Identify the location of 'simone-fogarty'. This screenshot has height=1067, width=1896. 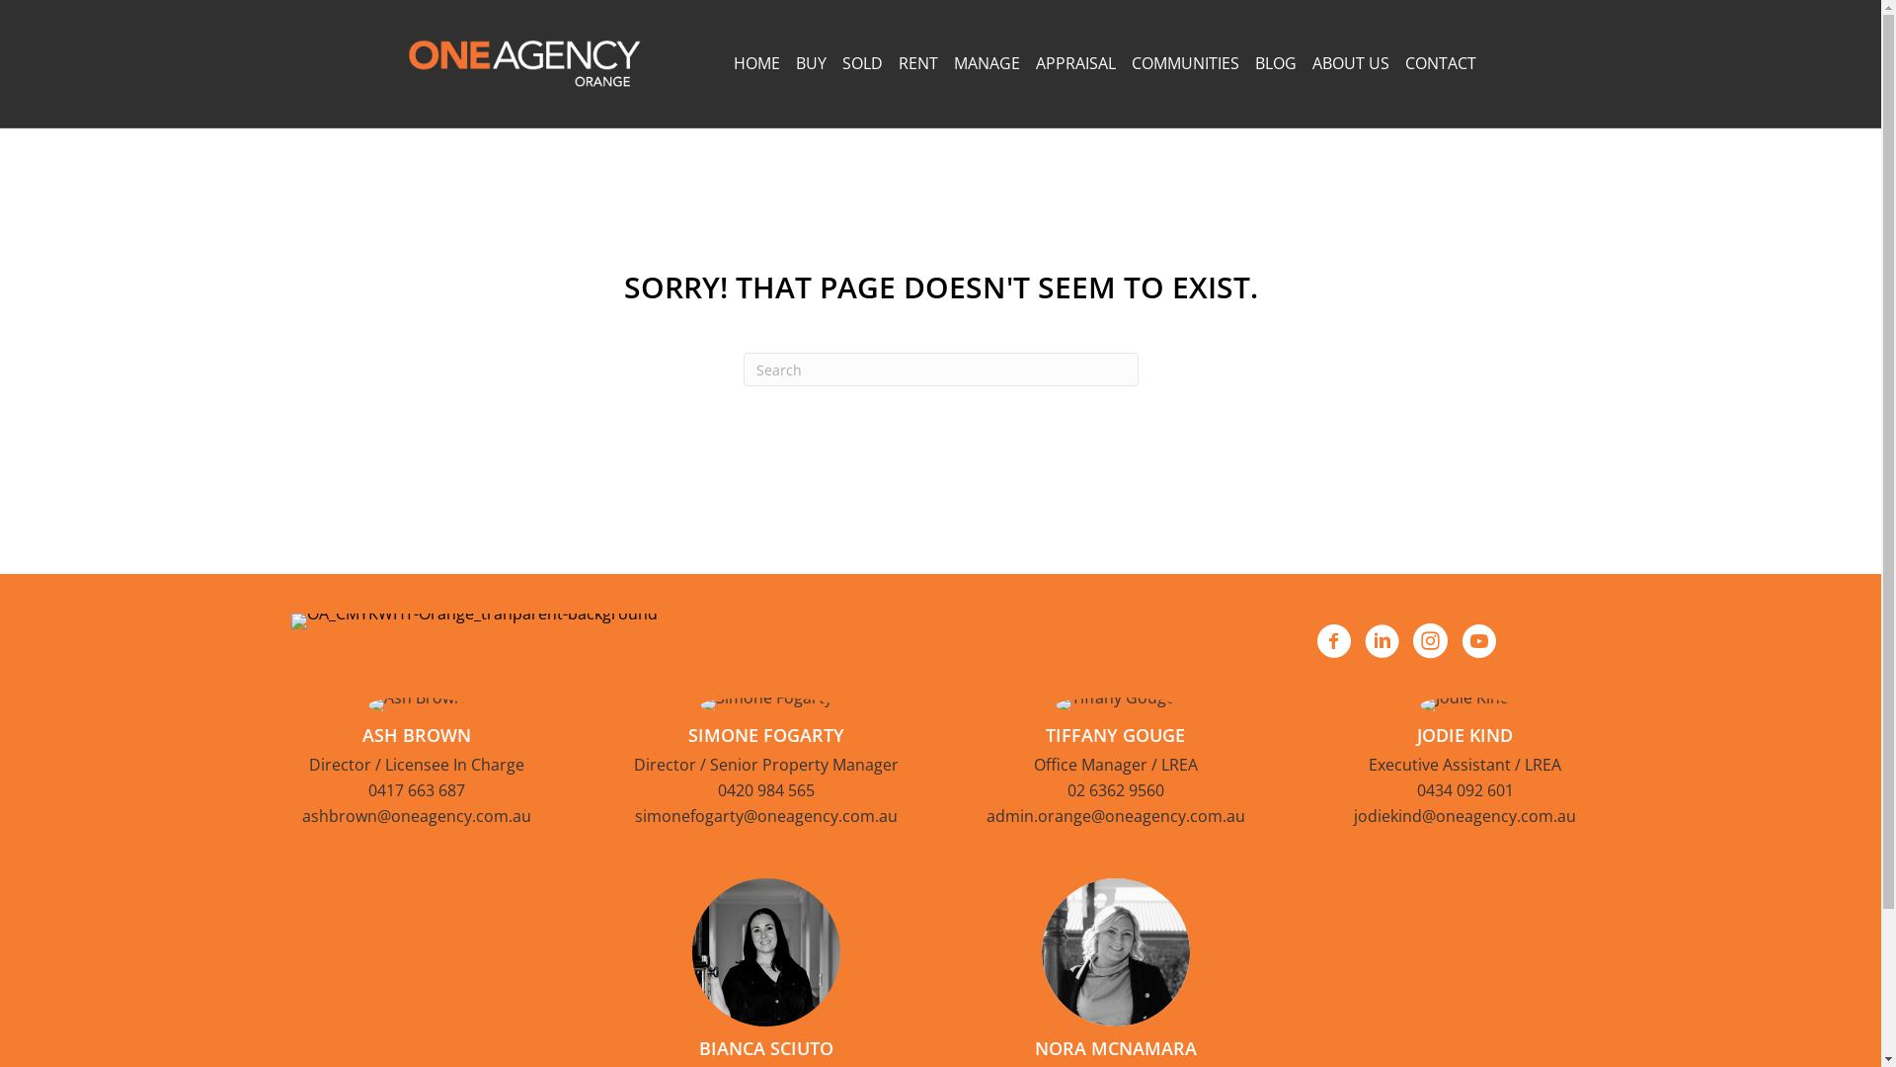
(763, 703).